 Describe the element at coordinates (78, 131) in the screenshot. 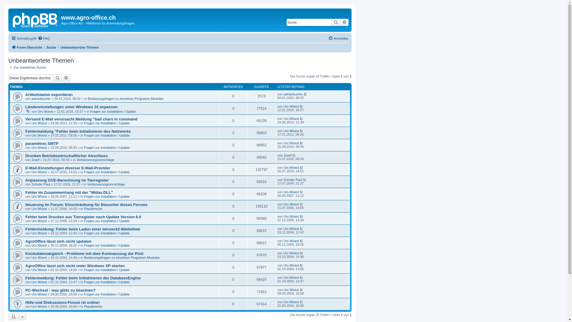

I see `'Fehlermeldung "Fehler beim Initialisieren des Netzwerks'` at that location.